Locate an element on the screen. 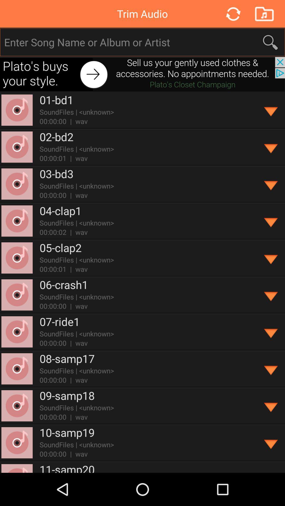  show file information is located at coordinates (271, 368).